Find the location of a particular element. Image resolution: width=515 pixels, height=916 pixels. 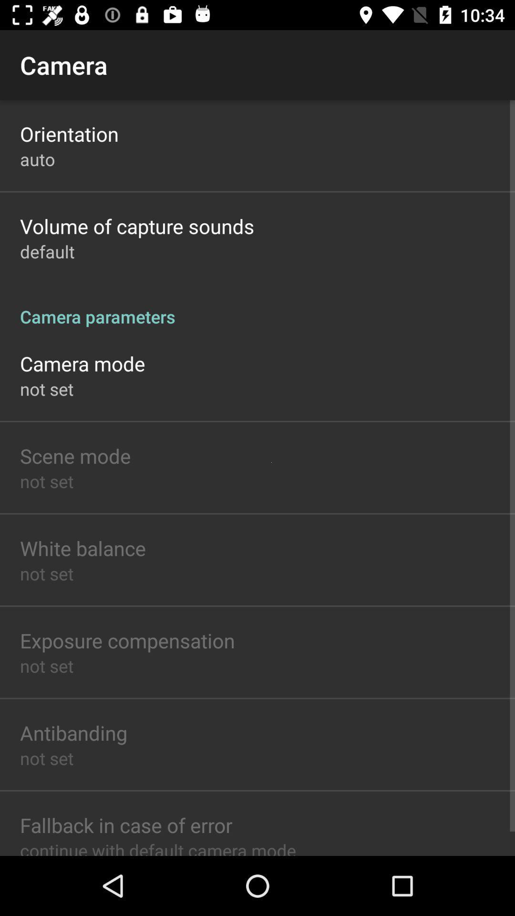

the continue with default app is located at coordinates (157, 847).